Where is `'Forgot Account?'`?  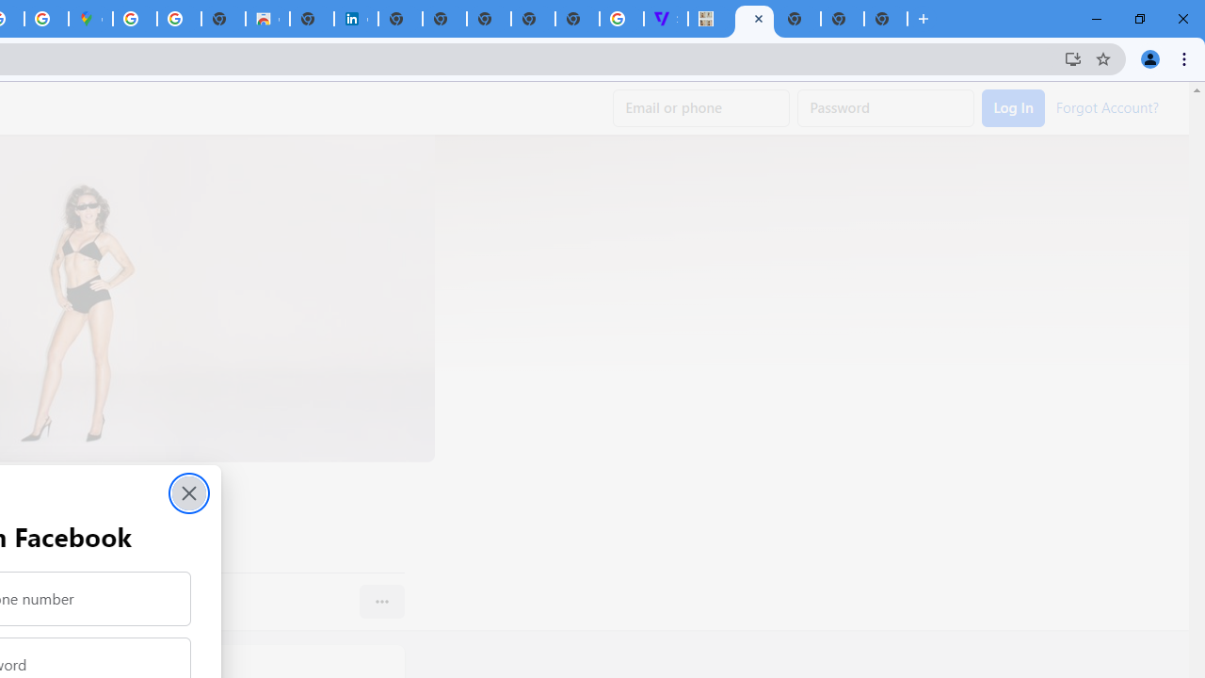 'Forgot Account?' is located at coordinates (1107, 106).